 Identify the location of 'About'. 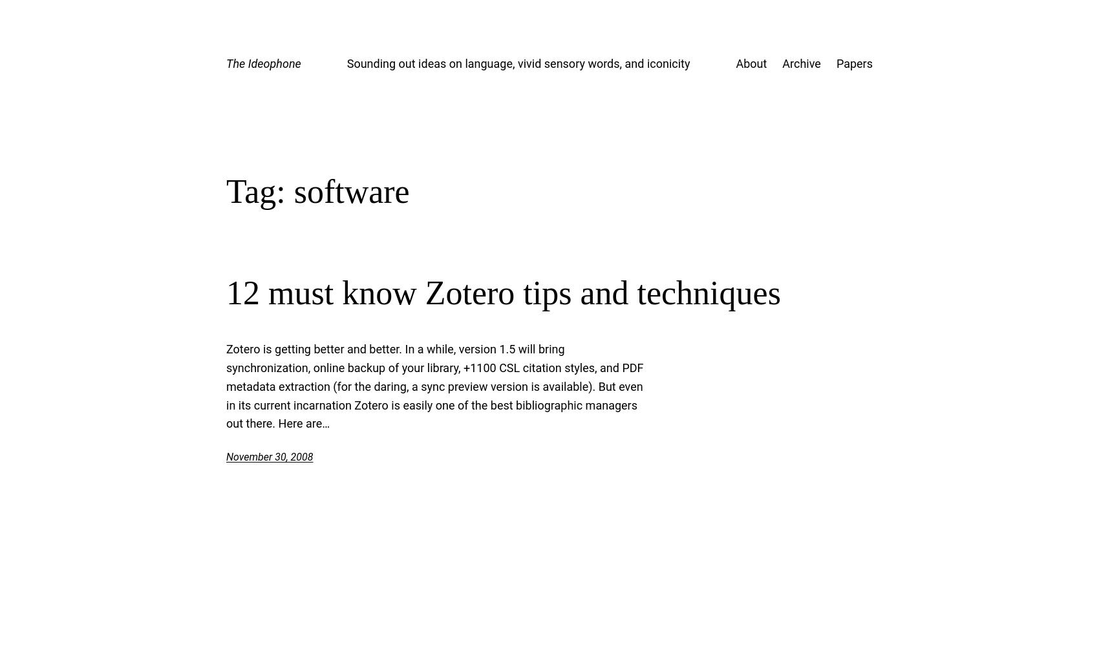
(735, 63).